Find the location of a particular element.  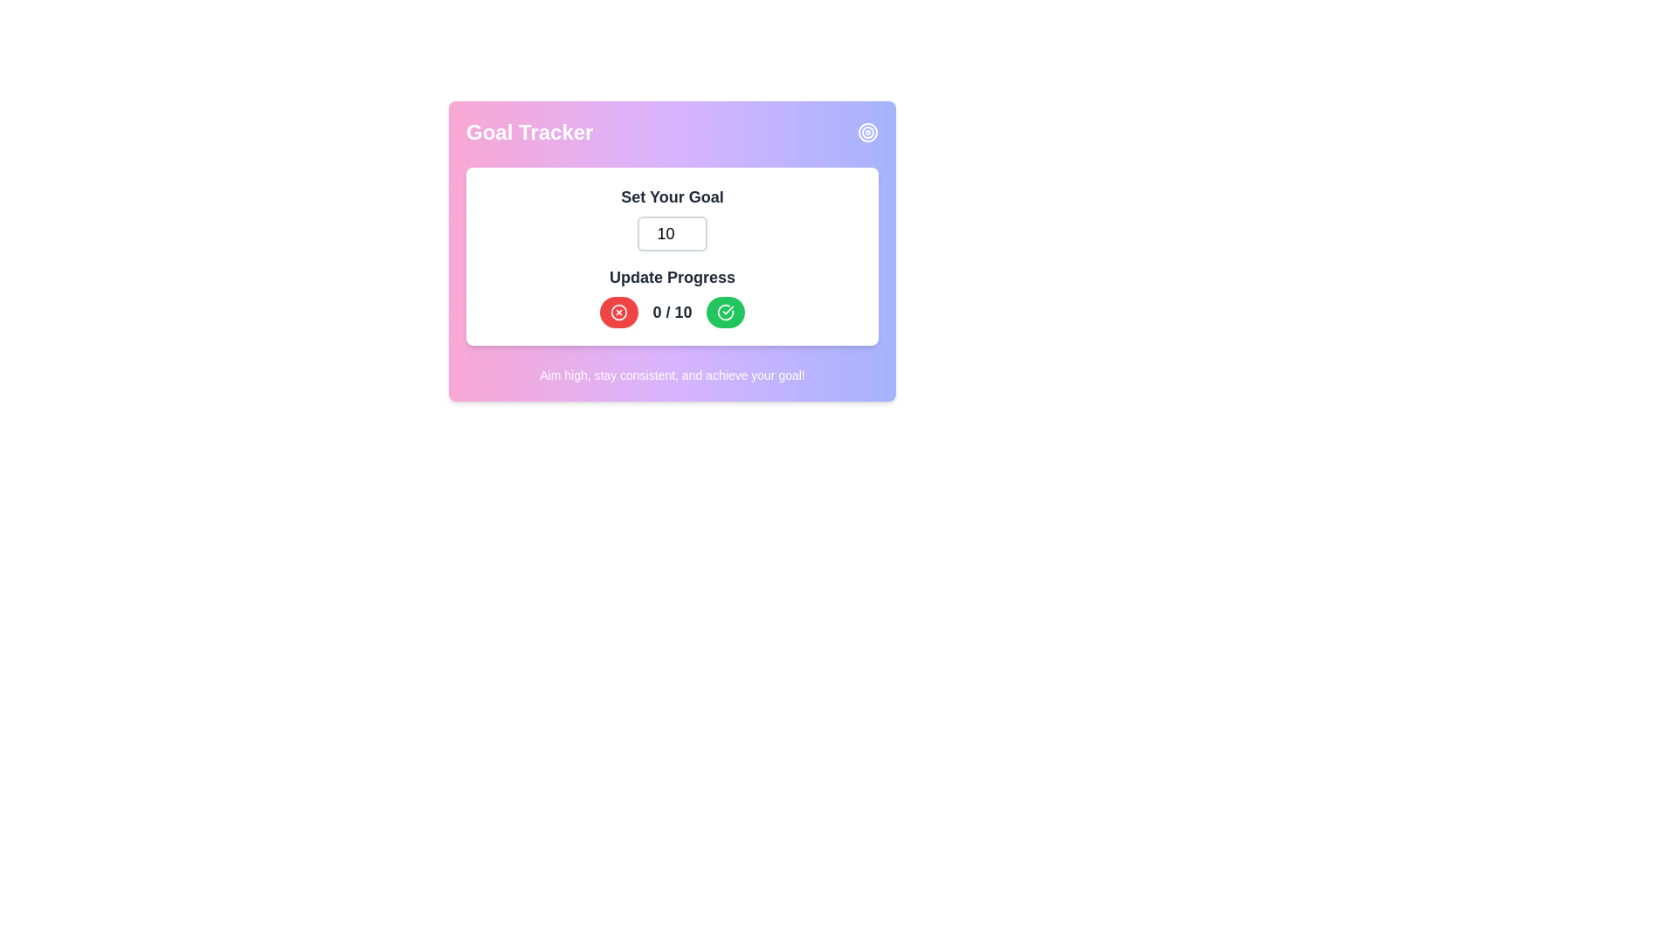

the 'Update Progress' label, which is a bold text label centered within a white card interface, located below the text input field with the value '10' is located at coordinates (671, 276).